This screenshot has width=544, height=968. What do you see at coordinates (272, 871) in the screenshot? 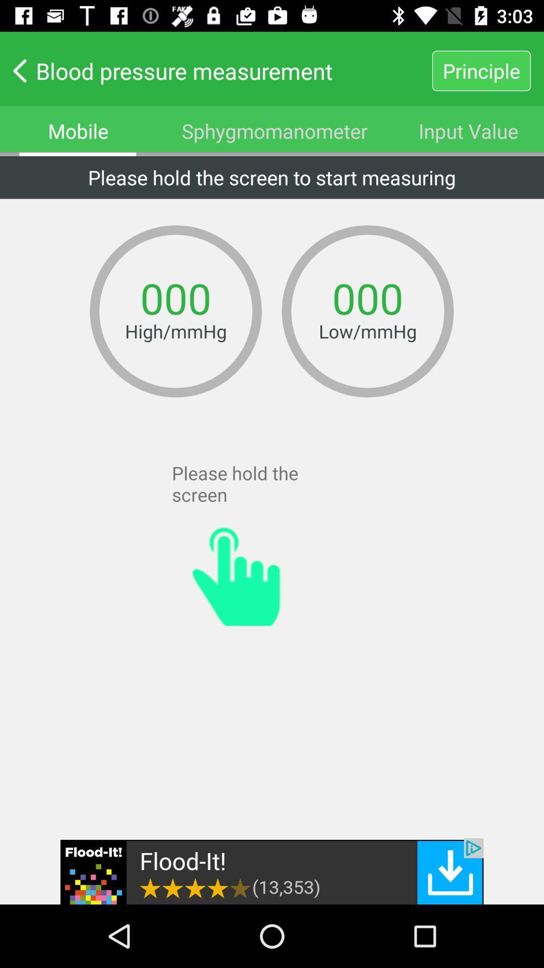
I see `advertisement` at bounding box center [272, 871].